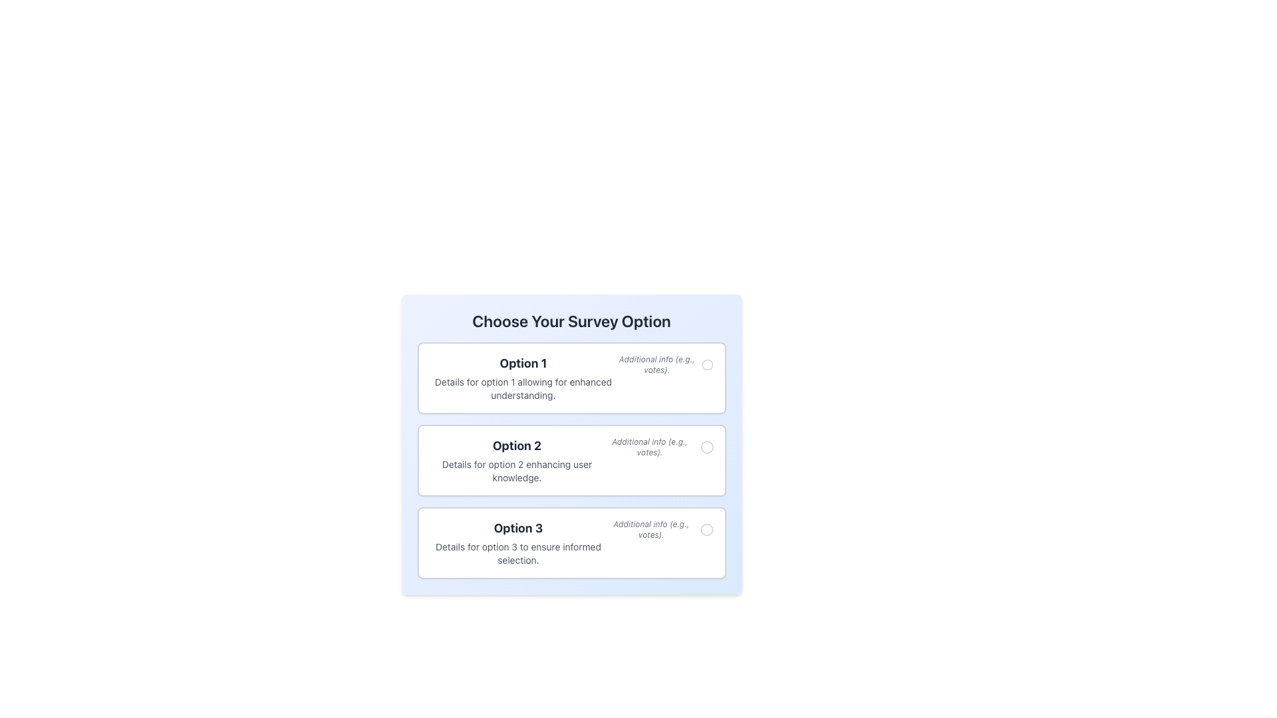  Describe the element at coordinates (706, 447) in the screenshot. I see `the interactive circular button located to the right of the text 'Additional info (e.g., votes).' in the 'Option 2' list item` at that location.